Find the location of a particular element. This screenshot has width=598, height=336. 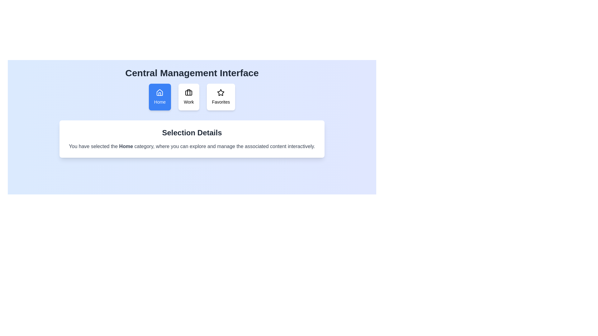

the 'Work' button located below the 'Central Management Interface' heading is located at coordinates (192, 97).